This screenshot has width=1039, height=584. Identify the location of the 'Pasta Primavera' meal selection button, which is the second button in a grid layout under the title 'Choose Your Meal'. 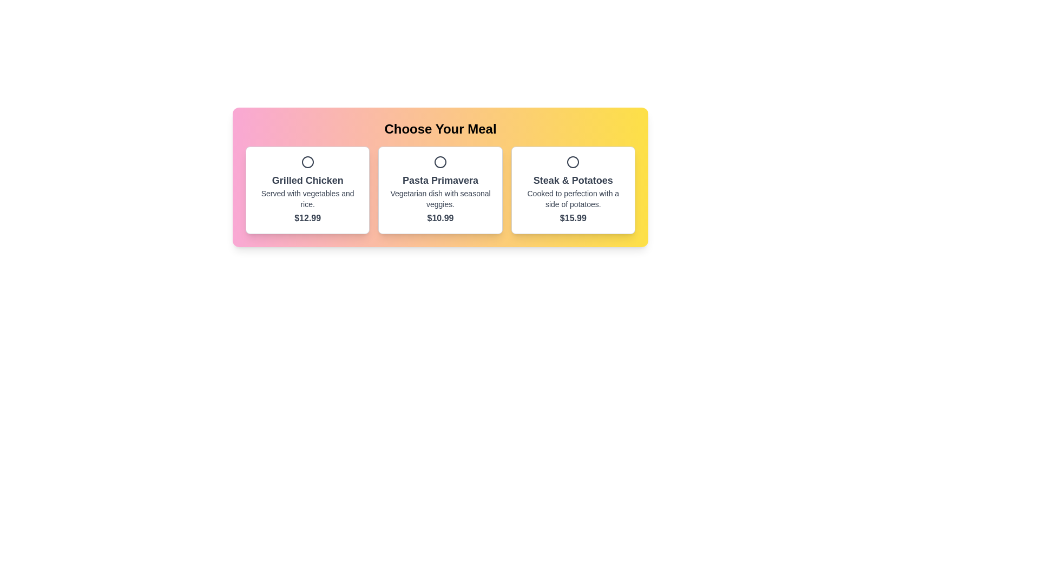
(440, 189).